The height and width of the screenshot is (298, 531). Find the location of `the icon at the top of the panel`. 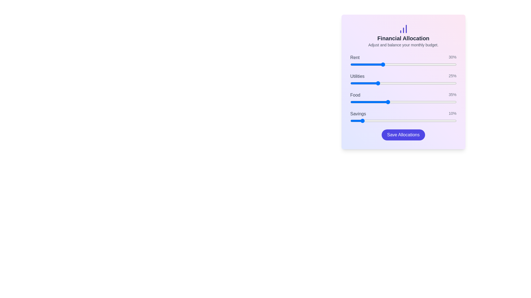

the icon at the top of the panel is located at coordinates (403, 29).